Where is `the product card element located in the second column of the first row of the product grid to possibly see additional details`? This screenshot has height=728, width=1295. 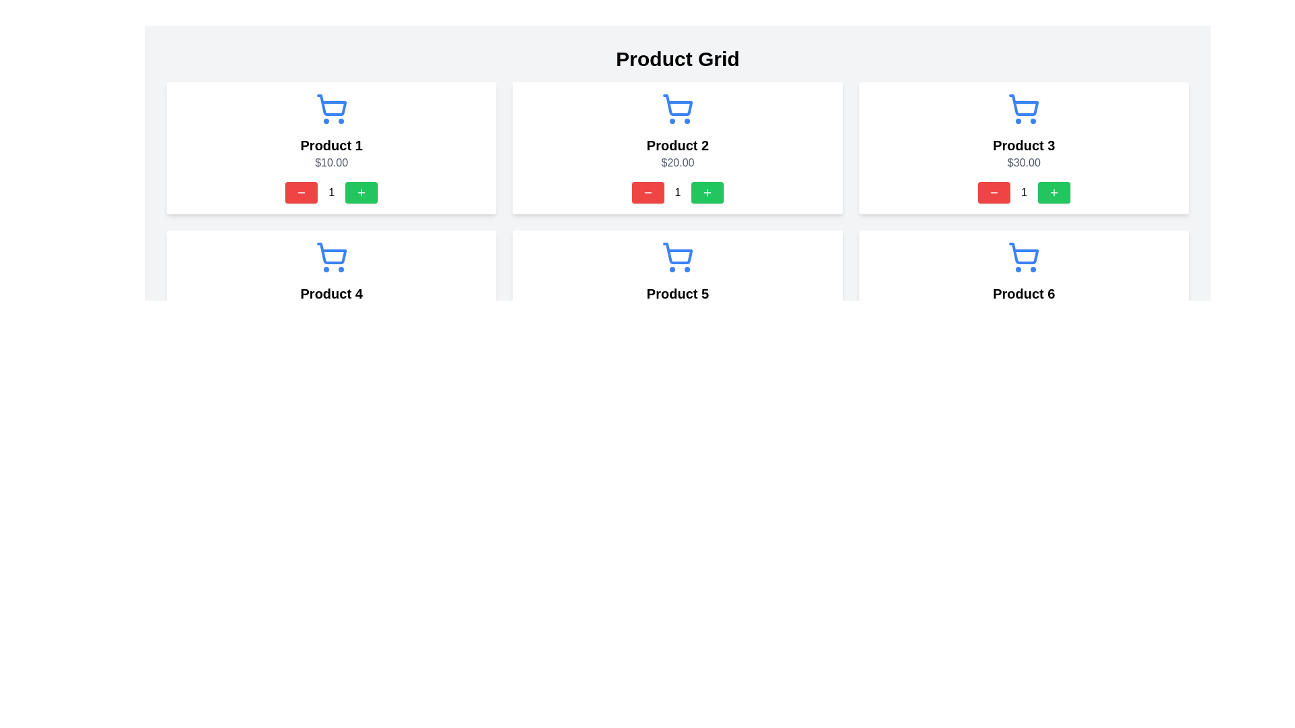
the product card element located in the second column of the first row of the product grid to possibly see additional details is located at coordinates (677, 148).